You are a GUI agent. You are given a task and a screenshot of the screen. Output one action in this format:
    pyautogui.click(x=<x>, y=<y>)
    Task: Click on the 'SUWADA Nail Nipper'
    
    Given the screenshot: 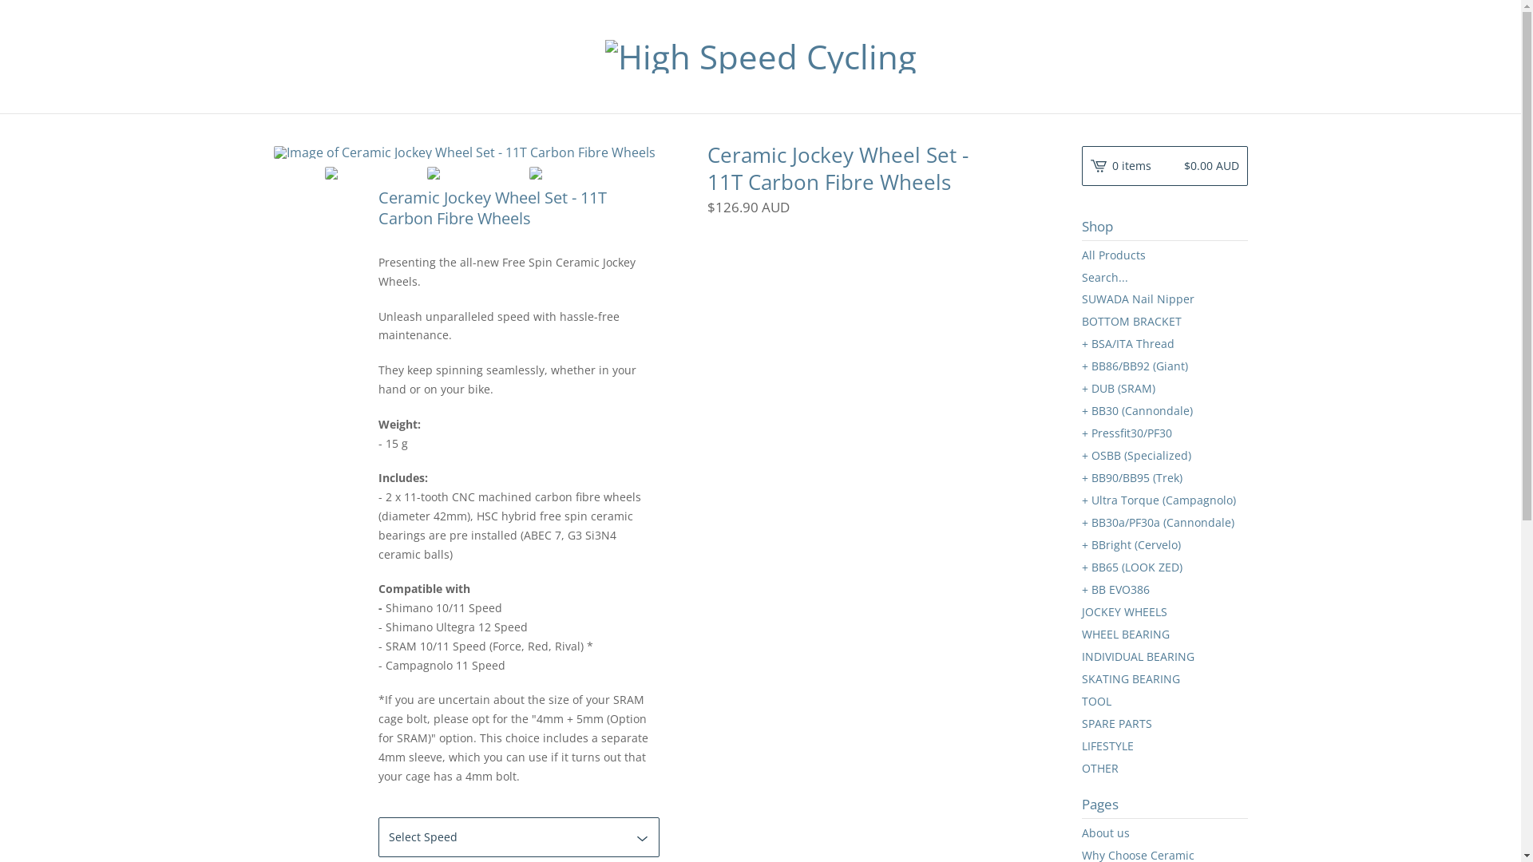 What is the action you would take?
    pyautogui.click(x=1164, y=299)
    